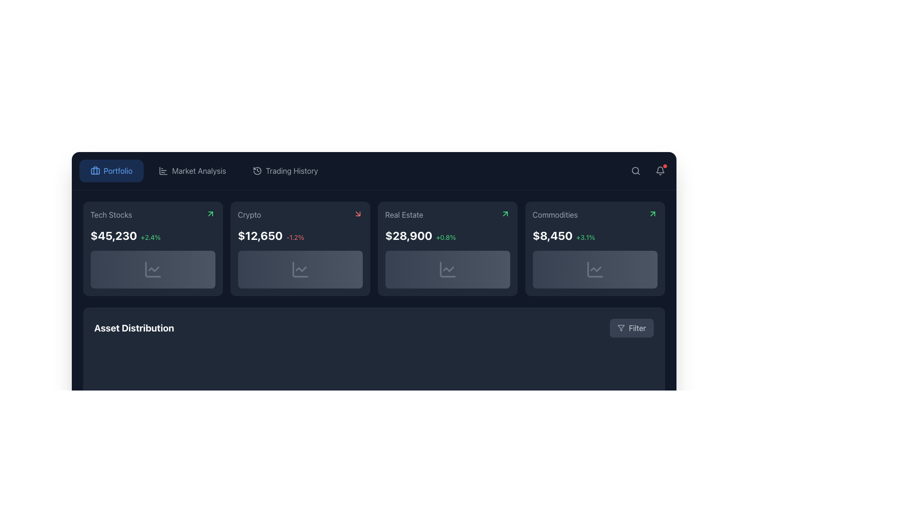 The image size is (907, 510). Describe the element at coordinates (447, 269) in the screenshot. I see `the line chart icon located at the bottom center of the 'Real Estate' card` at that location.